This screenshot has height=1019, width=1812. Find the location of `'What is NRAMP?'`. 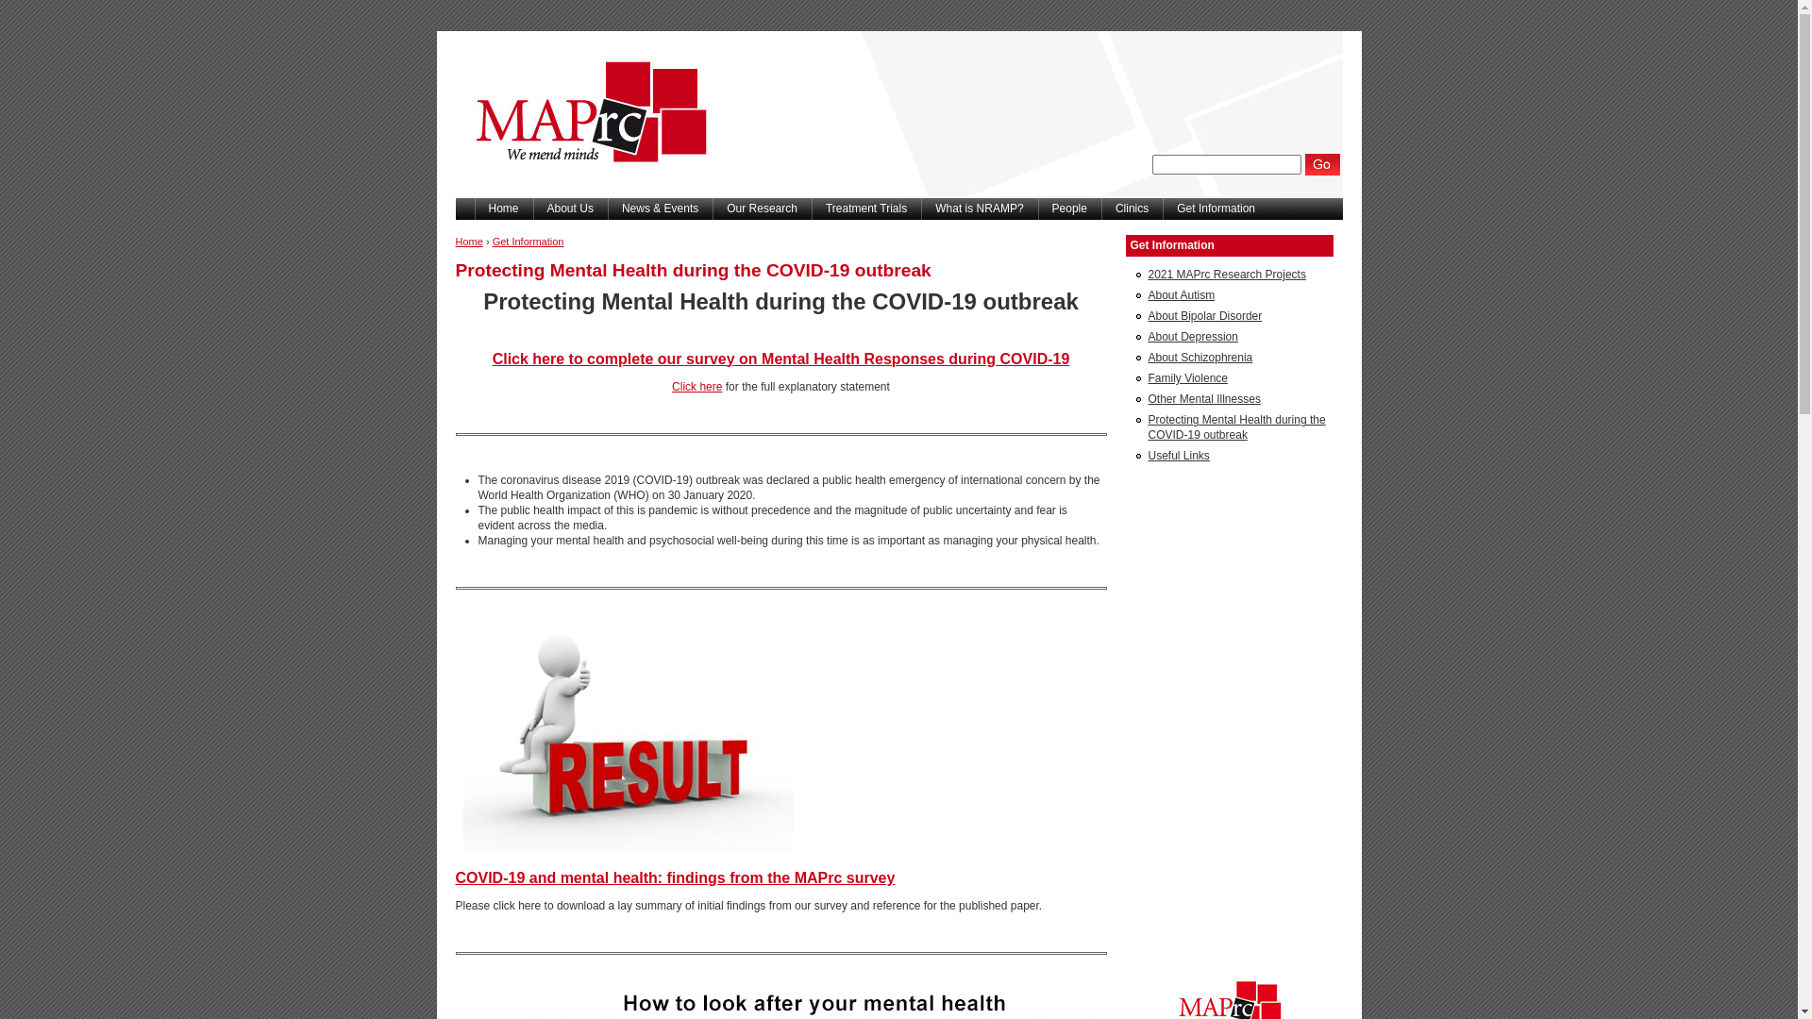

'What is NRAMP?' is located at coordinates (979, 209).